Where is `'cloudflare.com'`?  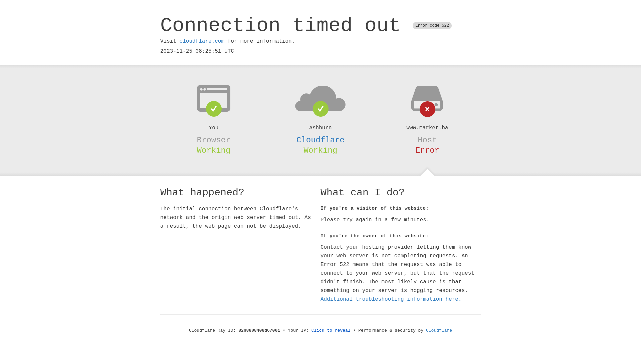 'cloudflare.com' is located at coordinates (179, 41).